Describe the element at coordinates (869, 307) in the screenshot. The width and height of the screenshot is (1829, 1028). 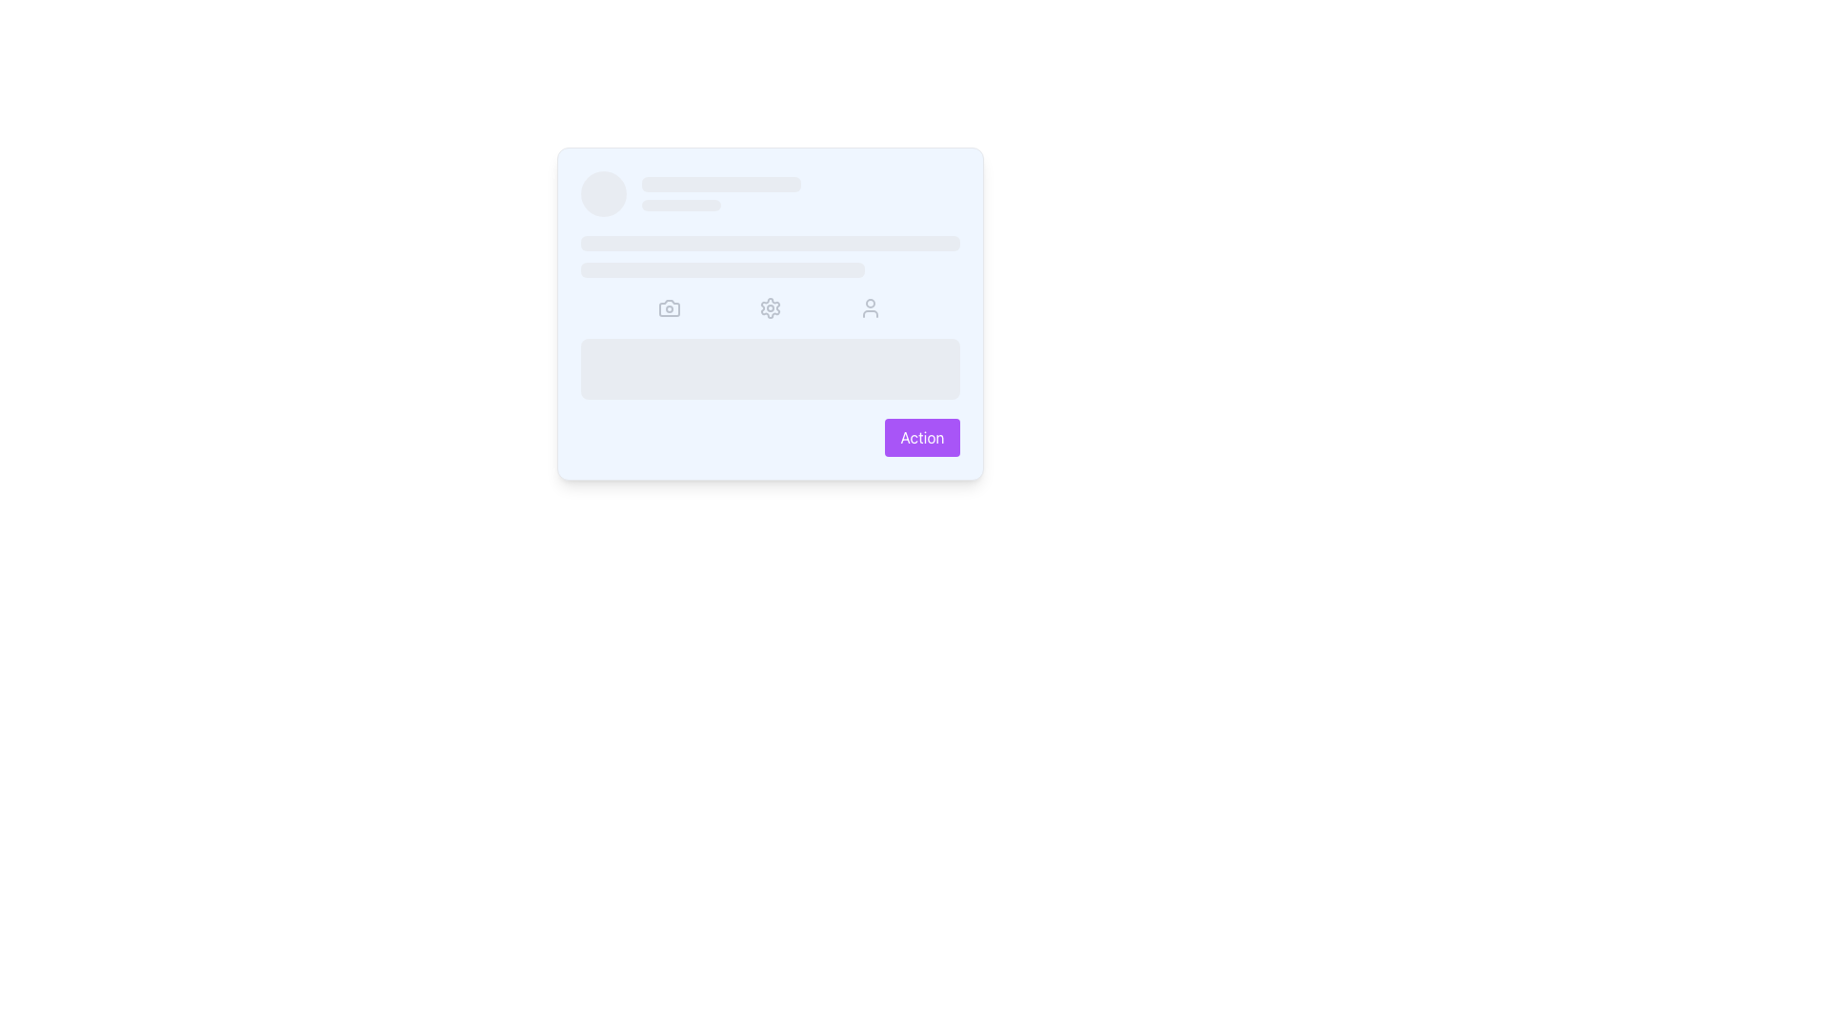
I see `the user icon, which is a gray outlined person figure with a subtle pulse animation` at that location.